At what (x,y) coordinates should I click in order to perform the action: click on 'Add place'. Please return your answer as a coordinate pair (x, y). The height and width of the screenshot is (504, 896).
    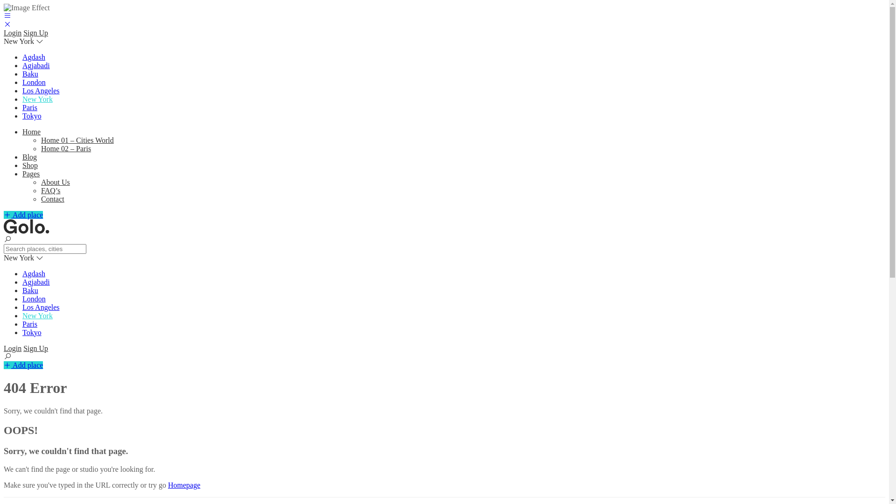
    Looking at the image, I should click on (23, 364).